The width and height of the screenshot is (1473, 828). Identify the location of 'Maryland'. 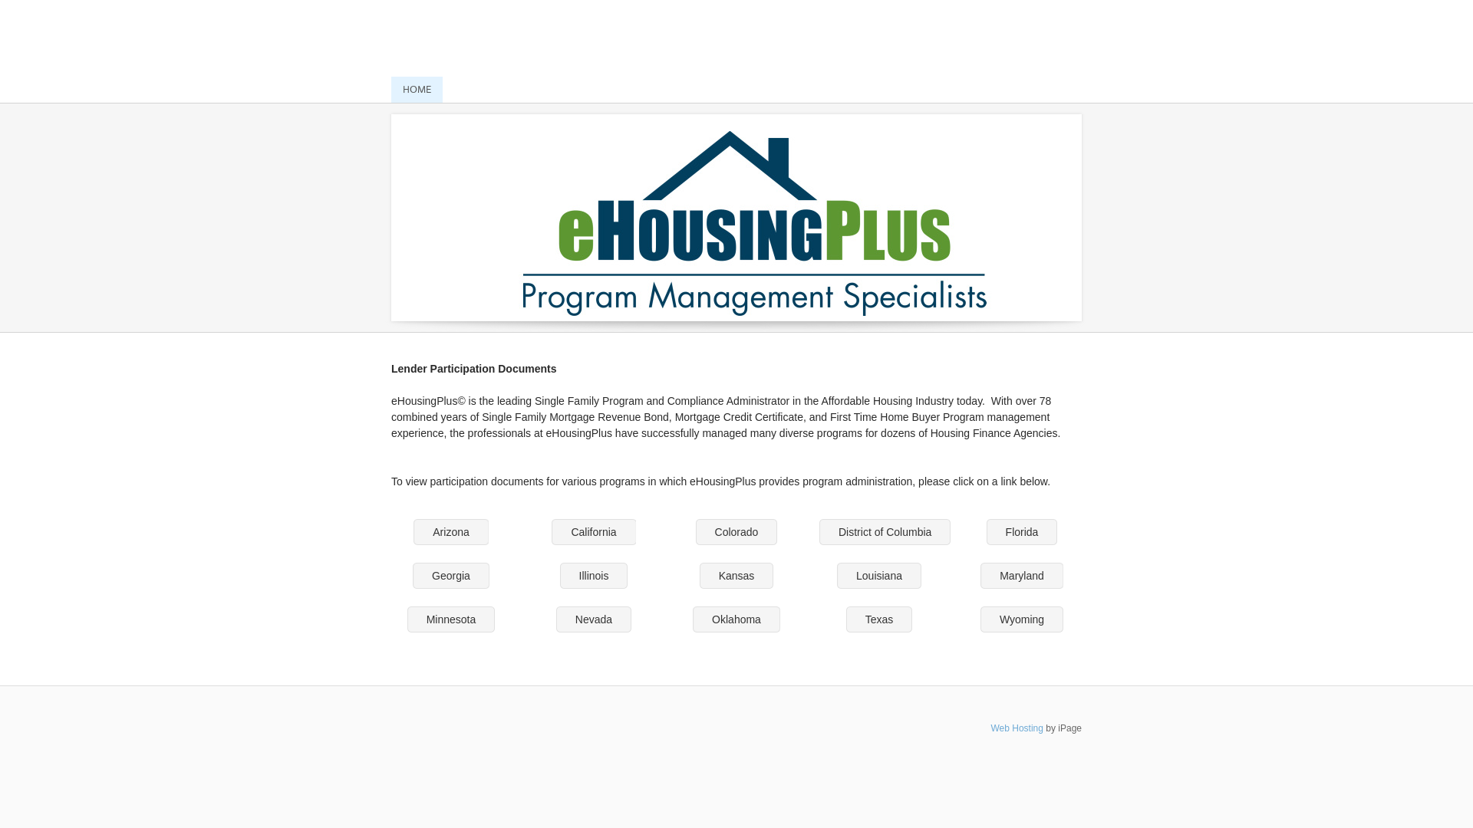
(1022, 576).